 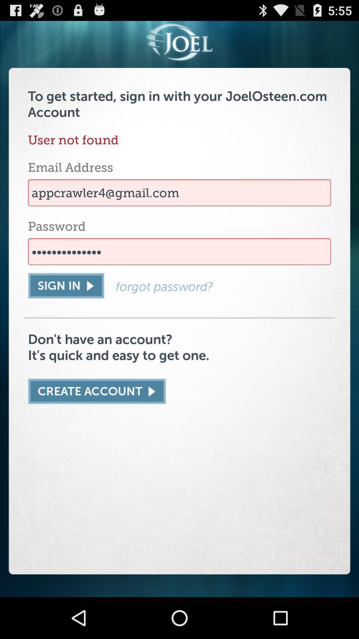 I want to click on next page, so click(x=97, y=391).